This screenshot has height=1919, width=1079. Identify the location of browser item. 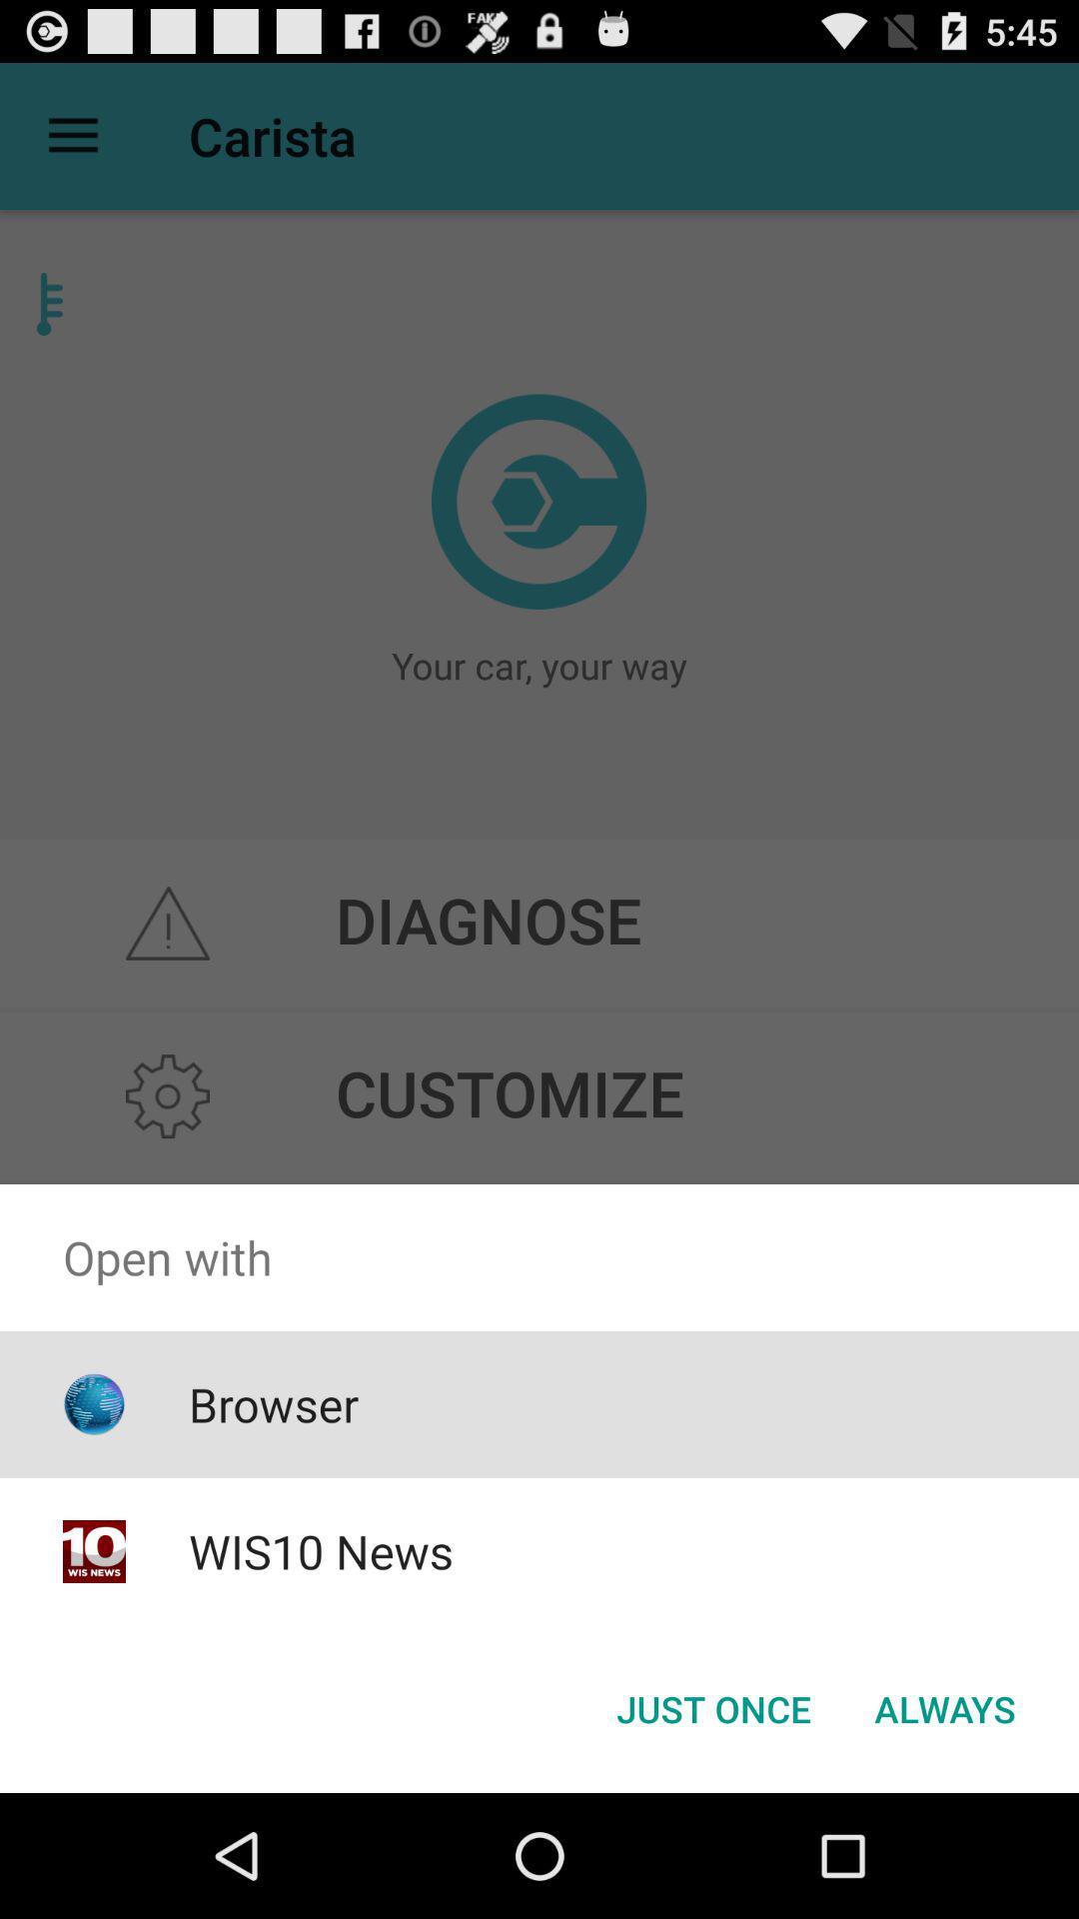
(274, 1403).